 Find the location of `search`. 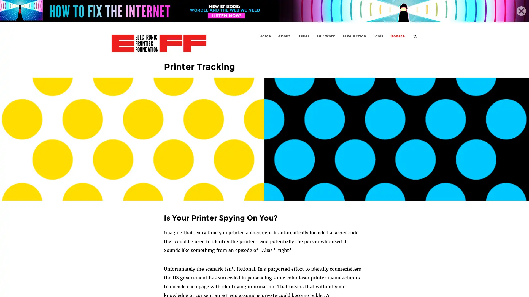

search is located at coordinates (415, 36).